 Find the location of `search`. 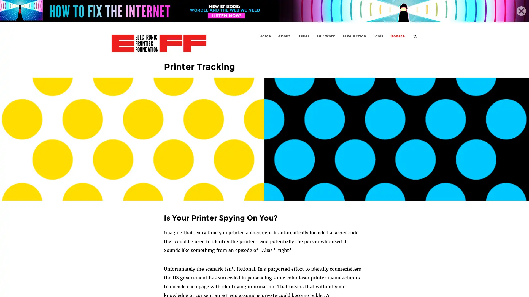

search is located at coordinates (415, 36).